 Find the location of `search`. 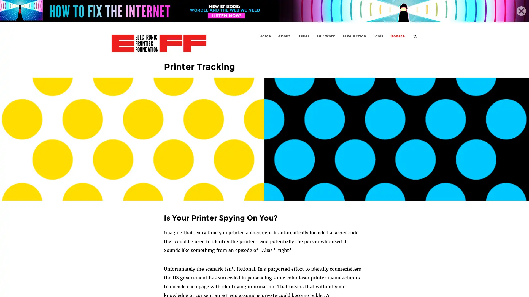

search is located at coordinates (415, 36).